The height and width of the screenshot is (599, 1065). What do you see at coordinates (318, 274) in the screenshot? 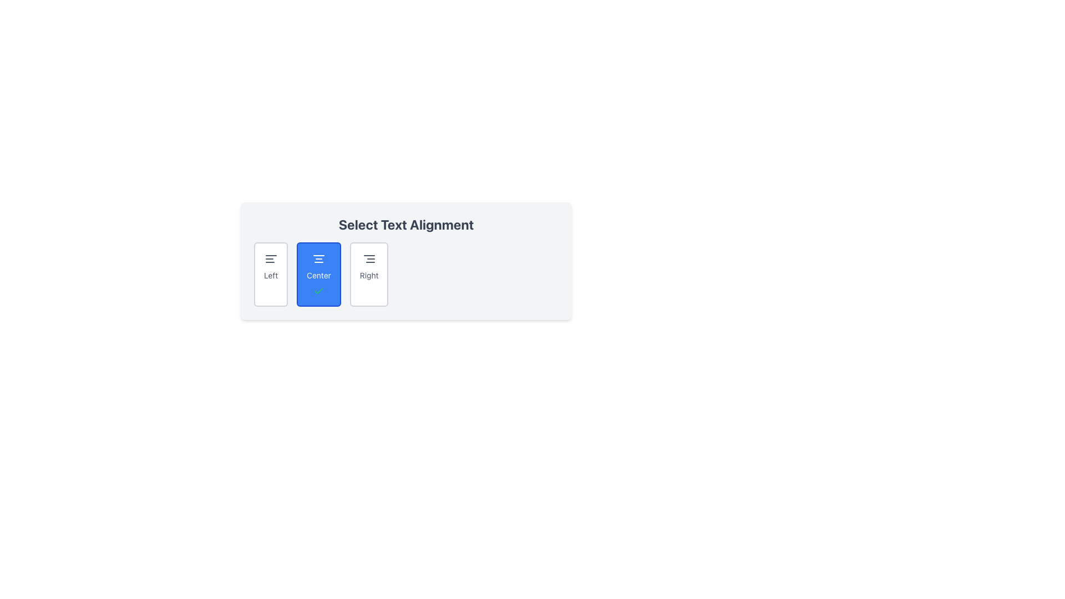
I see `the center alignment button, which is the middle button in the row of three alignment options (Left, Center, Right) located below the 'Select Text Alignment' title` at bounding box center [318, 274].